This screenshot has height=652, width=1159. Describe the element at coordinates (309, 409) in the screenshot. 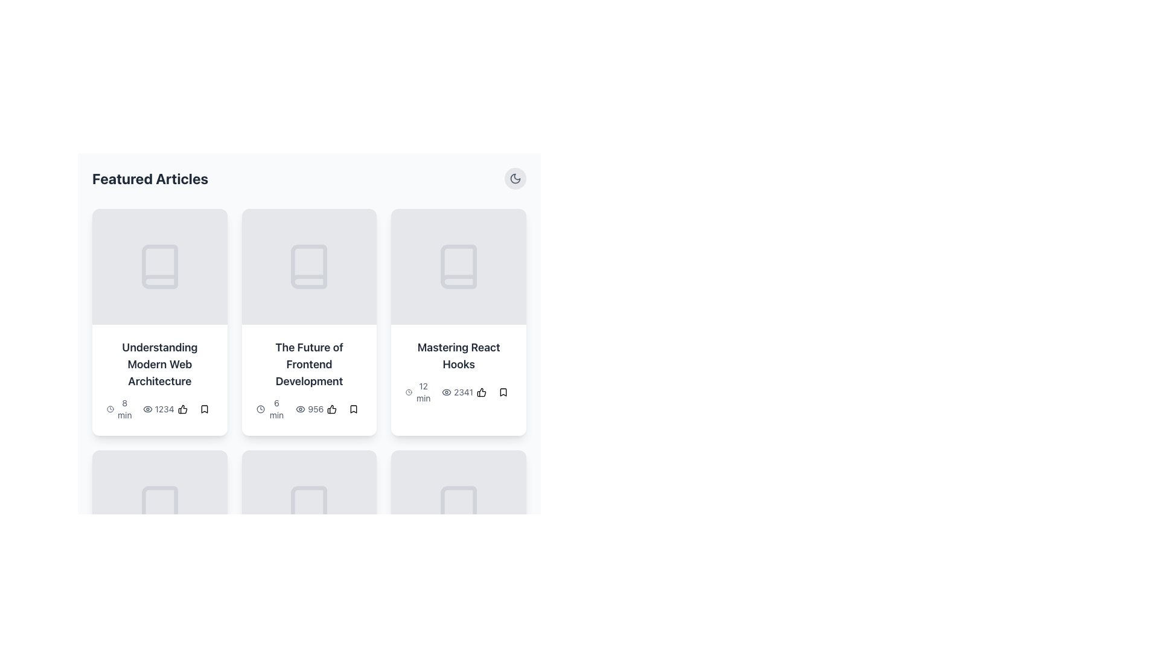

I see `the text element displaying the estimated reading time and number of views for the article 'The Future of Frontend Development', located below the title in the middle card of a three-column layout` at that location.